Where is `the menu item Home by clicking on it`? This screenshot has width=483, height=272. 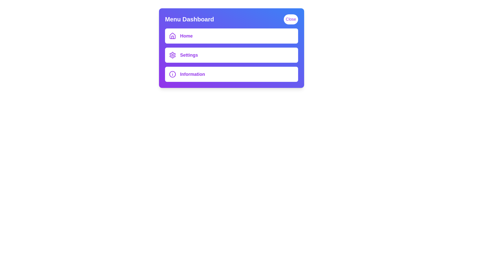
the menu item Home by clicking on it is located at coordinates (231, 36).